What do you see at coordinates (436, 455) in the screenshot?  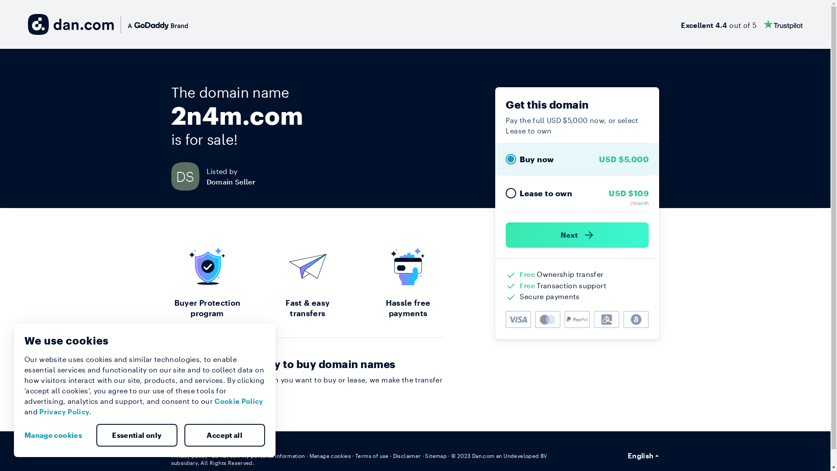 I see `'Sitemap'` at bounding box center [436, 455].